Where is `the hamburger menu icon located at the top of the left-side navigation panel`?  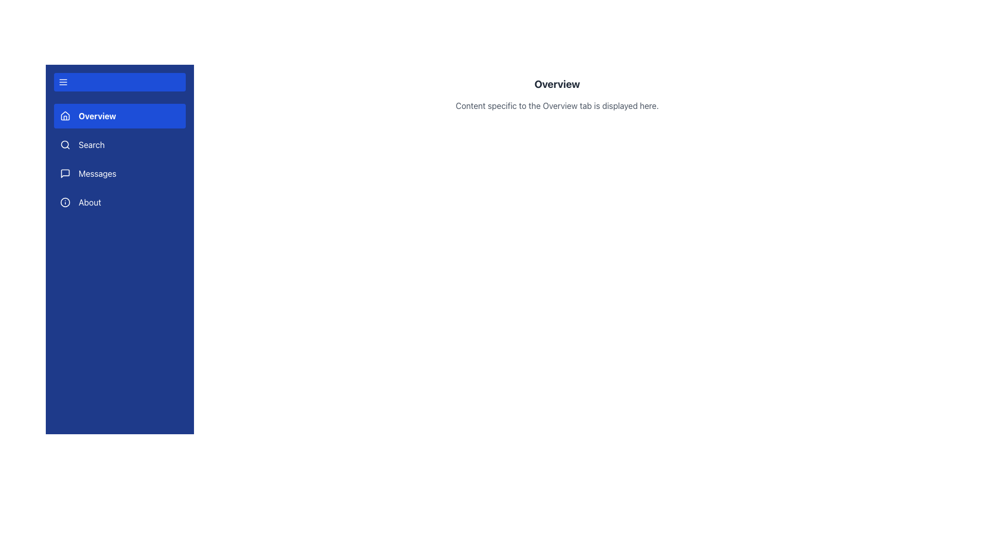
the hamburger menu icon located at the top of the left-side navigation panel is located at coordinates (63, 81).